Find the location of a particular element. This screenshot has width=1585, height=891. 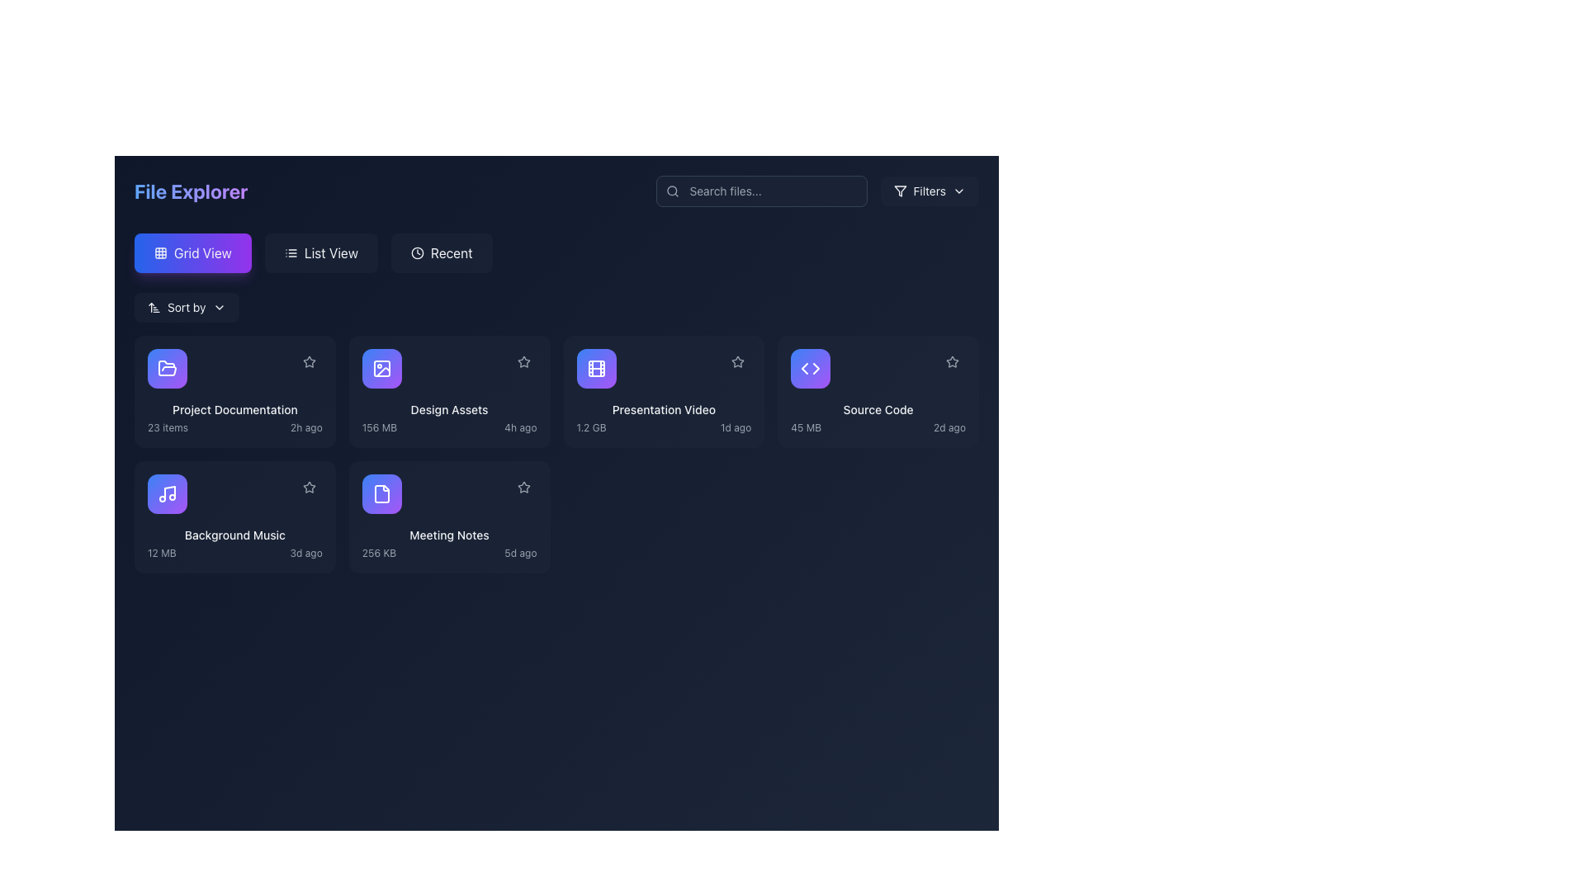

the Text label displaying 'Meeting Notes' in the file explorer interface, located in the second row and second column of the grid layout, positioned below the file icon and above the metadata text is located at coordinates (449, 535).